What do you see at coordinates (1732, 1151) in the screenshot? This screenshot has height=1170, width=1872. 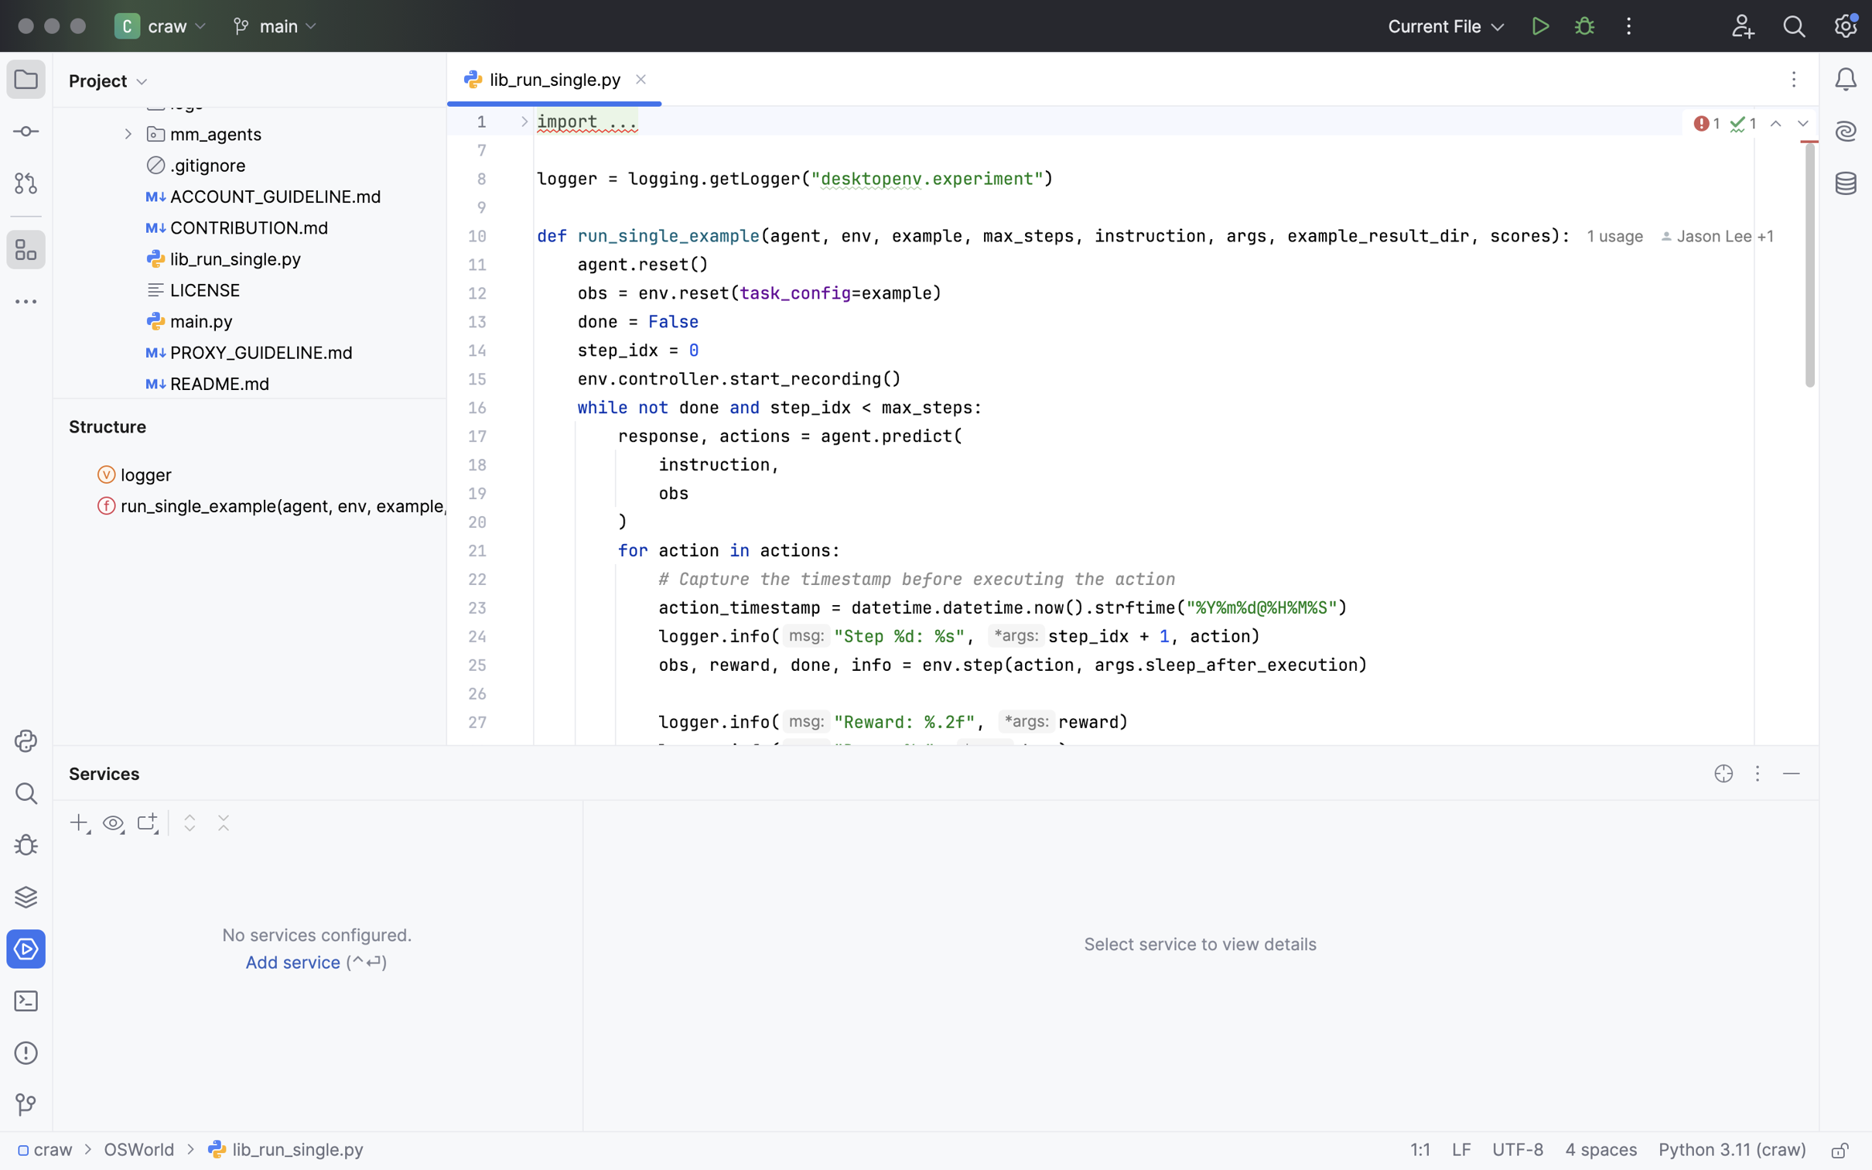 I see `'Python 3.11 (craw)'` at bounding box center [1732, 1151].